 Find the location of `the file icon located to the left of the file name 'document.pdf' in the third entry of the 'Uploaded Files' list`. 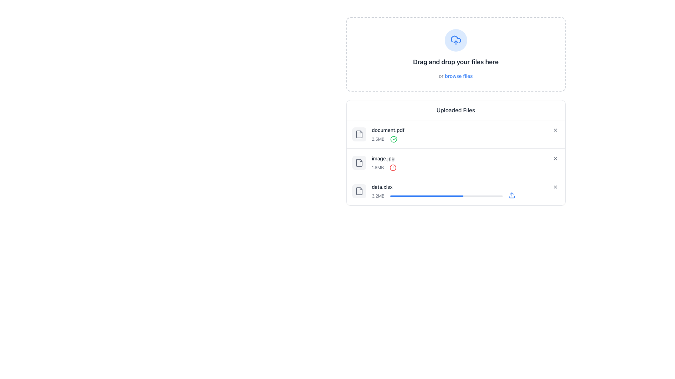

the file icon located to the left of the file name 'document.pdf' in the third entry of the 'Uploaded Files' list is located at coordinates (359, 134).